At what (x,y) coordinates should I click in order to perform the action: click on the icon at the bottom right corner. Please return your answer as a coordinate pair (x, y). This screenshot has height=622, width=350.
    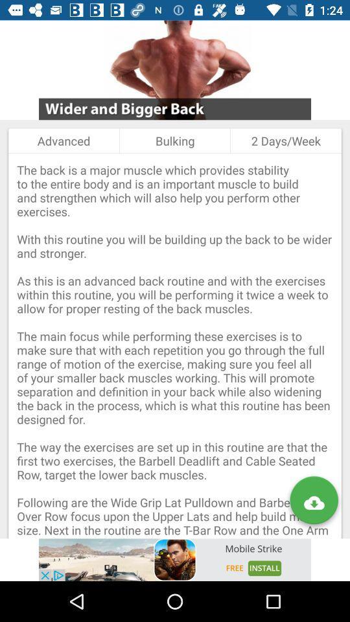
    Looking at the image, I should click on (313, 502).